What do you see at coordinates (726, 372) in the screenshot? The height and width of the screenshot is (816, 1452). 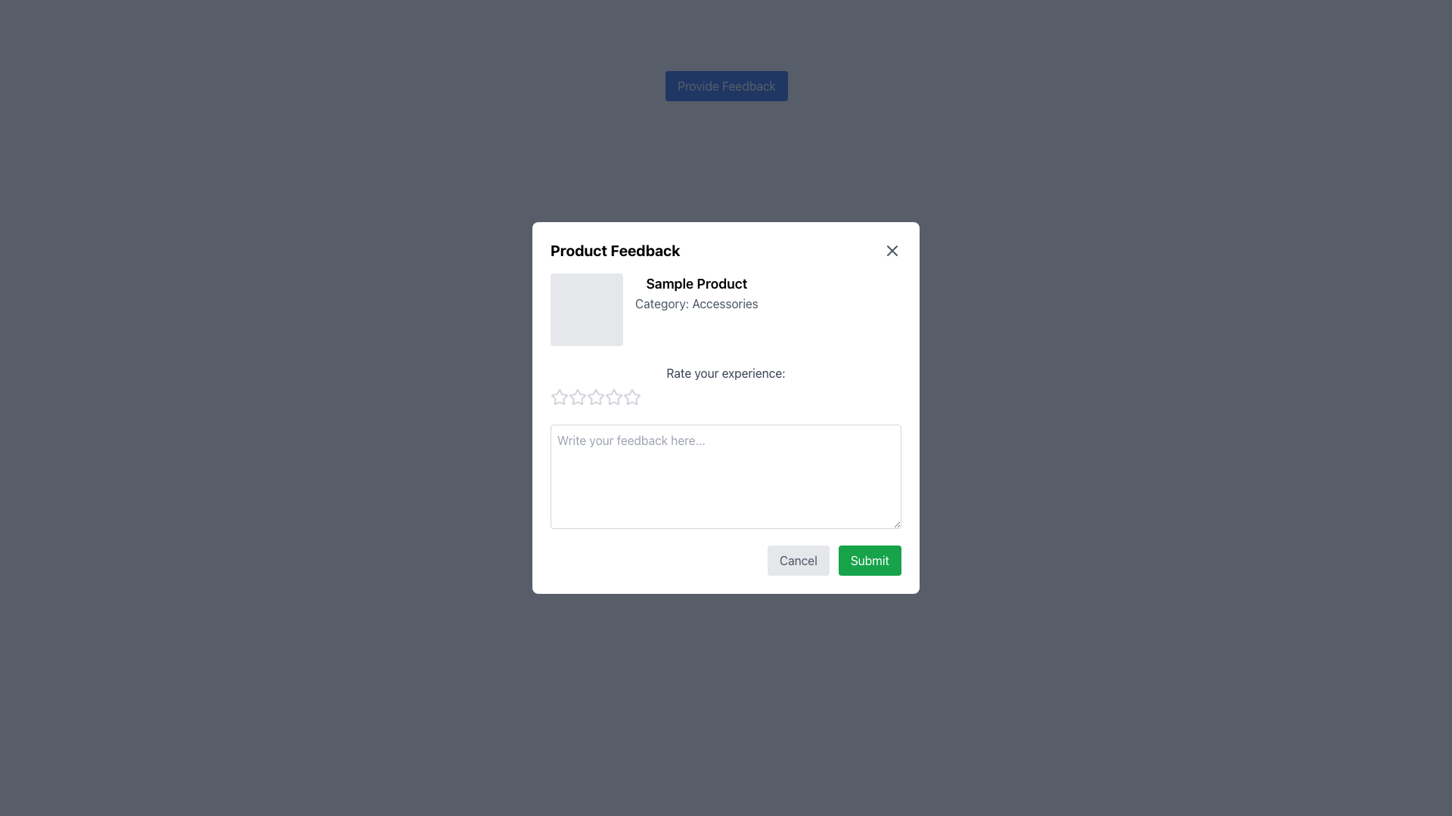 I see `text content of the label instructing users to rate their experience, located in the modal dialogue box titled 'Product Feedback', positioned directly above the star icons for rating` at bounding box center [726, 372].